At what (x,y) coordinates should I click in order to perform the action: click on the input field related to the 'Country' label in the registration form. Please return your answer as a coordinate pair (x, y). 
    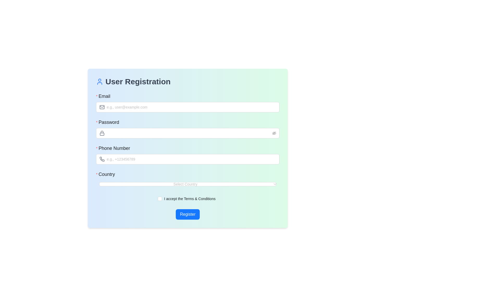
    Looking at the image, I should click on (107, 174).